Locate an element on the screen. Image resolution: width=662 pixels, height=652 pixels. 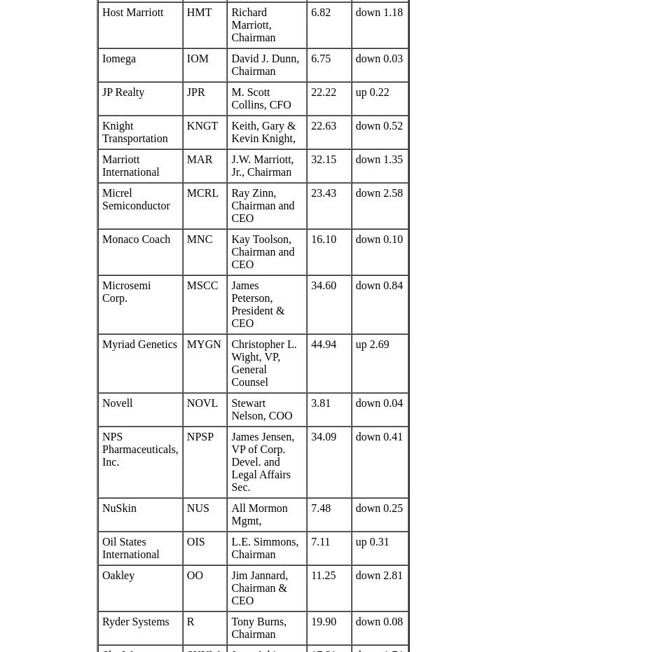
'down 0.52' is located at coordinates (354, 125).